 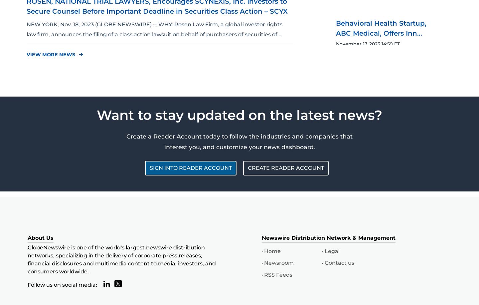 I want to click on 'Follow us on social media:', so click(x=27, y=284).